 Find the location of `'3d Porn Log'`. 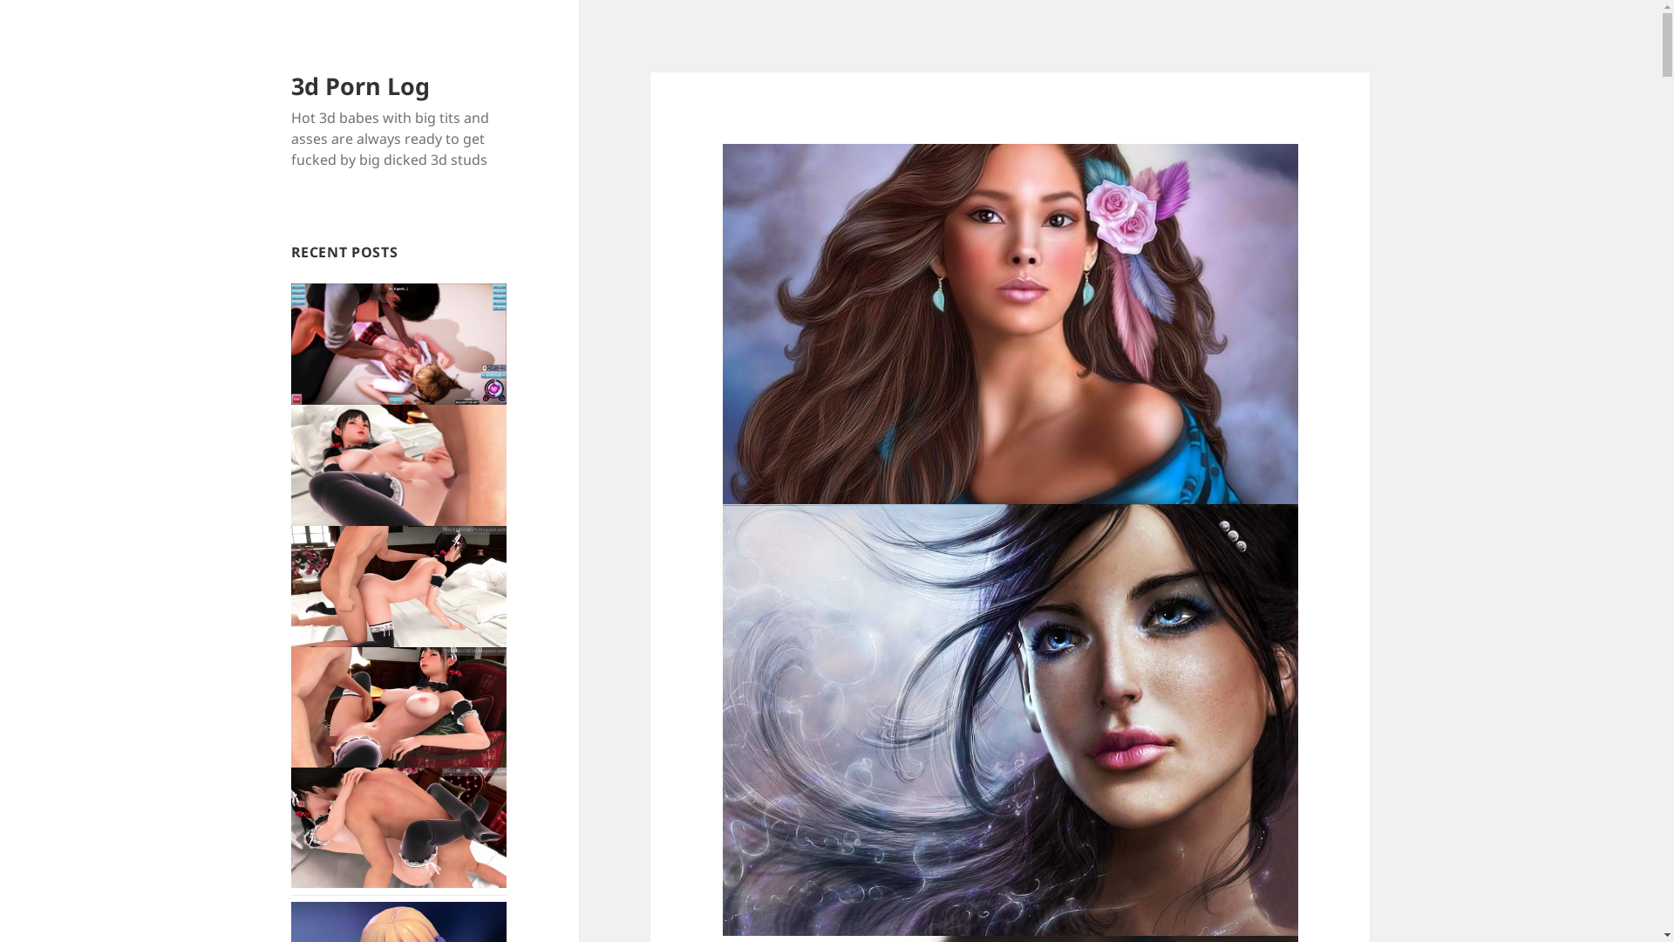

'3d Porn Log' is located at coordinates (359, 85).